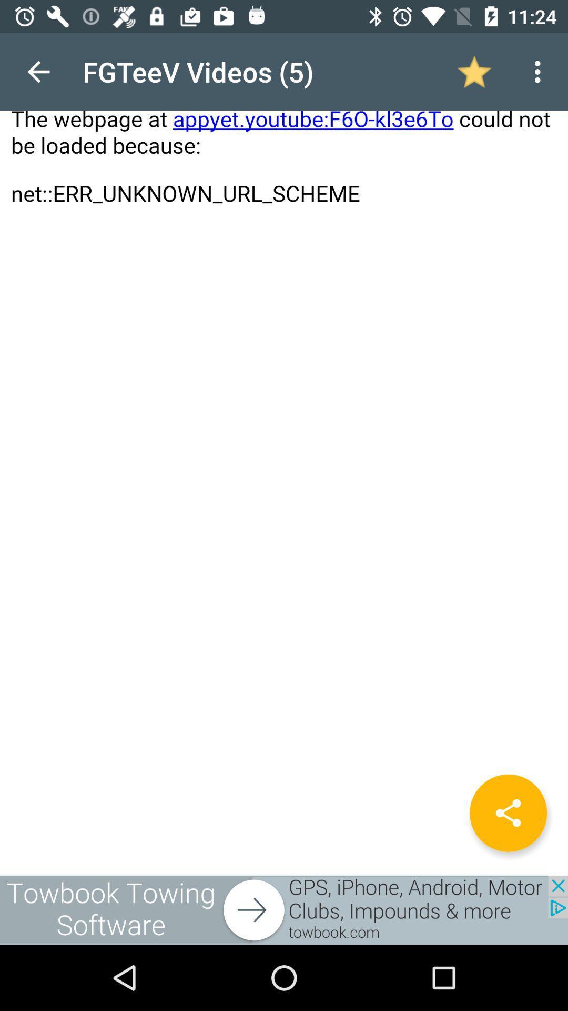 Image resolution: width=568 pixels, height=1011 pixels. Describe the element at coordinates (508, 812) in the screenshot. I see `share this app` at that location.